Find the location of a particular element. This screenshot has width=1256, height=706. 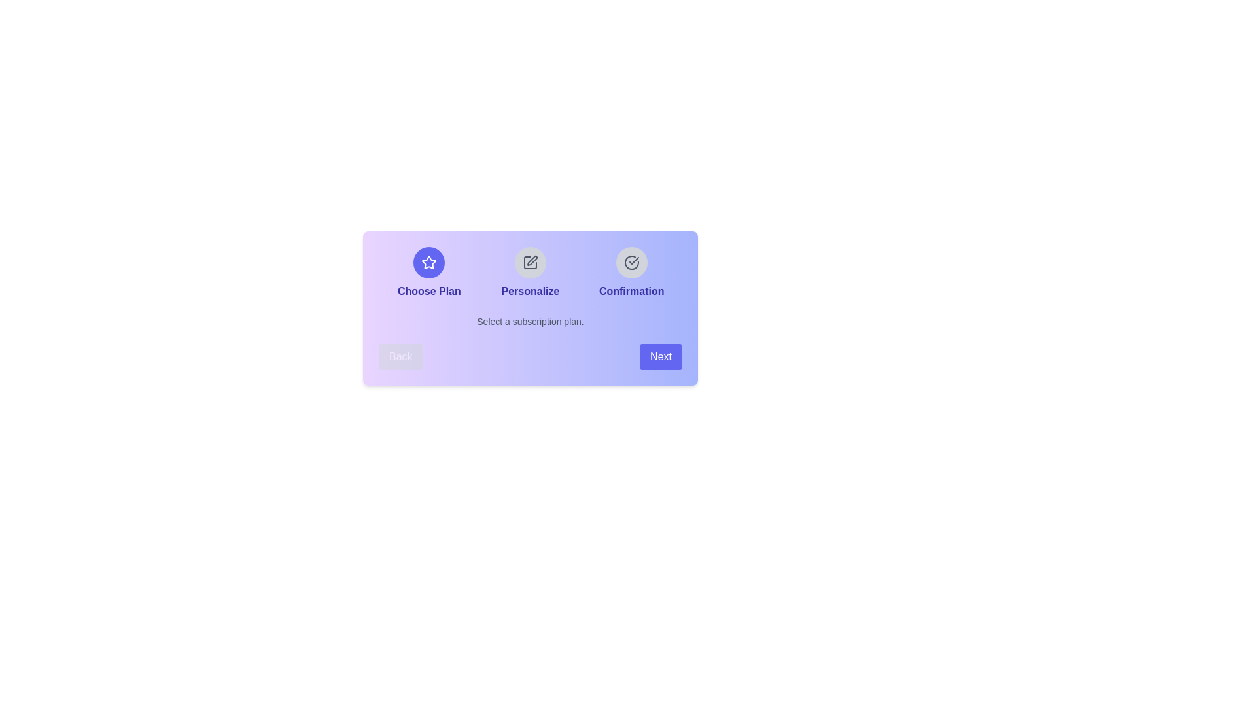

the step icon corresponding to Personalize to view its details is located at coordinates (531, 262).